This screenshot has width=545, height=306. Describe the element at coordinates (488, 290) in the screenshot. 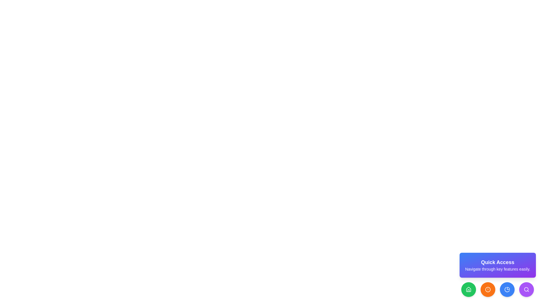

I see `the orange circle icon located at the bottom-right corner of the interface, which is the second icon from the left` at that location.